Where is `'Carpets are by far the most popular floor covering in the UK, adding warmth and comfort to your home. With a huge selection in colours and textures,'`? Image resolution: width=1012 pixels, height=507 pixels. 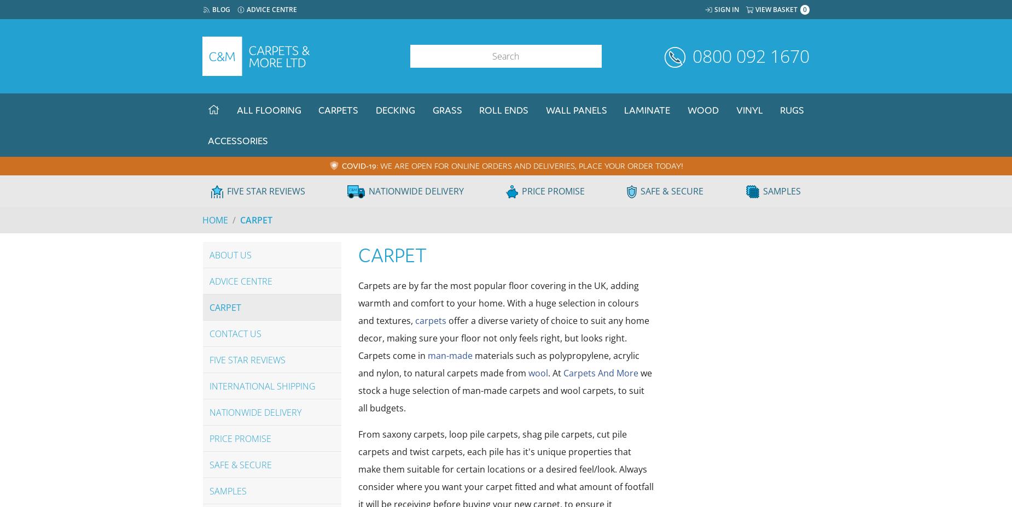 'Carpets are by far the most popular floor covering in the UK, adding warmth and comfort to your home. With a huge selection in colours and textures,' is located at coordinates (498, 303).